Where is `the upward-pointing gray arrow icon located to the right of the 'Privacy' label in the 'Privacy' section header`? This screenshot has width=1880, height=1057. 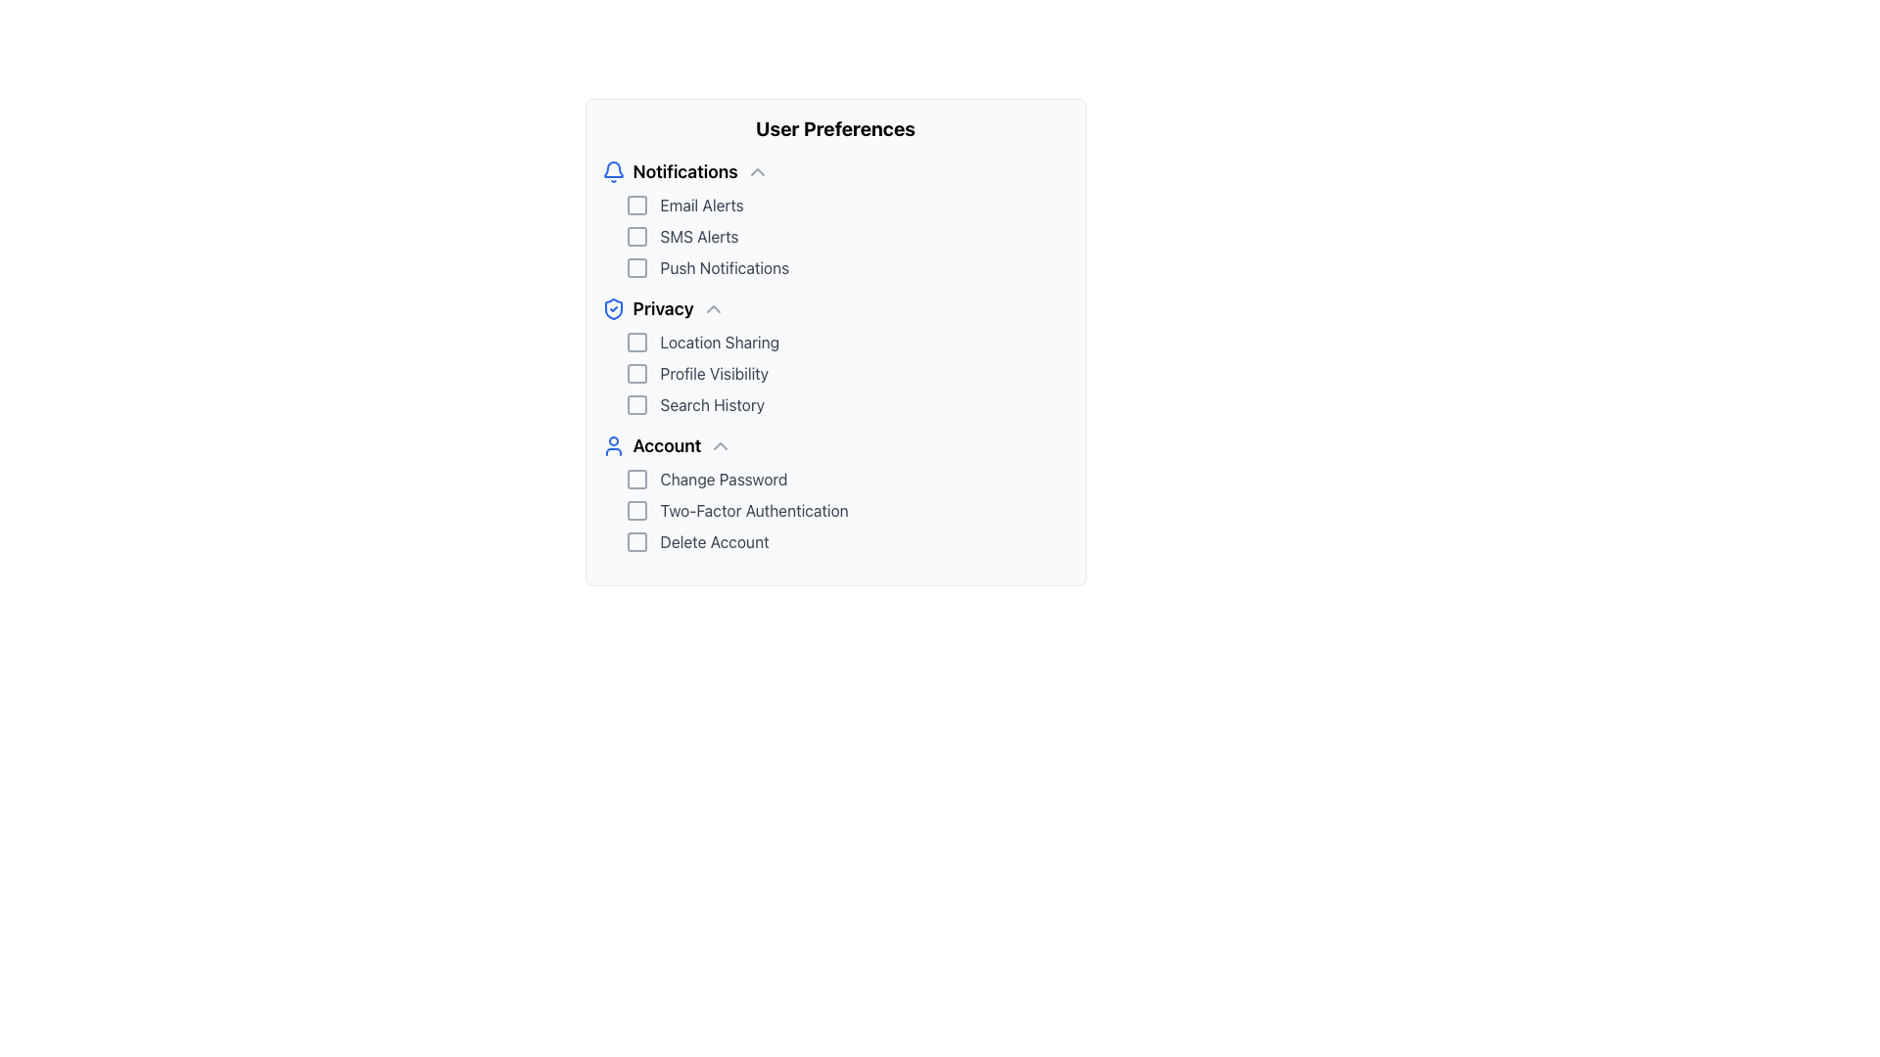 the upward-pointing gray arrow icon located to the right of the 'Privacy' label in the 'Privacy' section header is located at coordinates (712, 308).